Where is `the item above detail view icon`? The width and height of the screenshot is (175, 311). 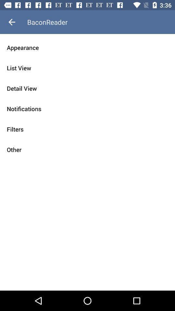
the item above detail view icon is located at coordinates (87, 68).